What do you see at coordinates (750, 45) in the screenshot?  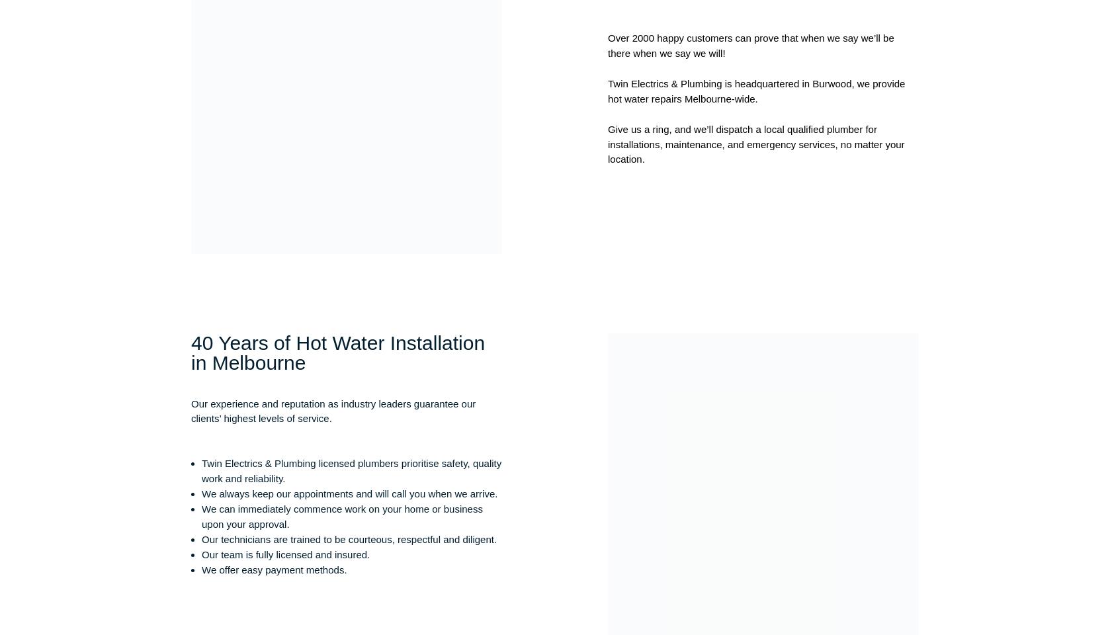 I see `'Over 2000 happy customers can prove that when we say we’ll be there when we say we will!'` at bounding box center [750, 45].